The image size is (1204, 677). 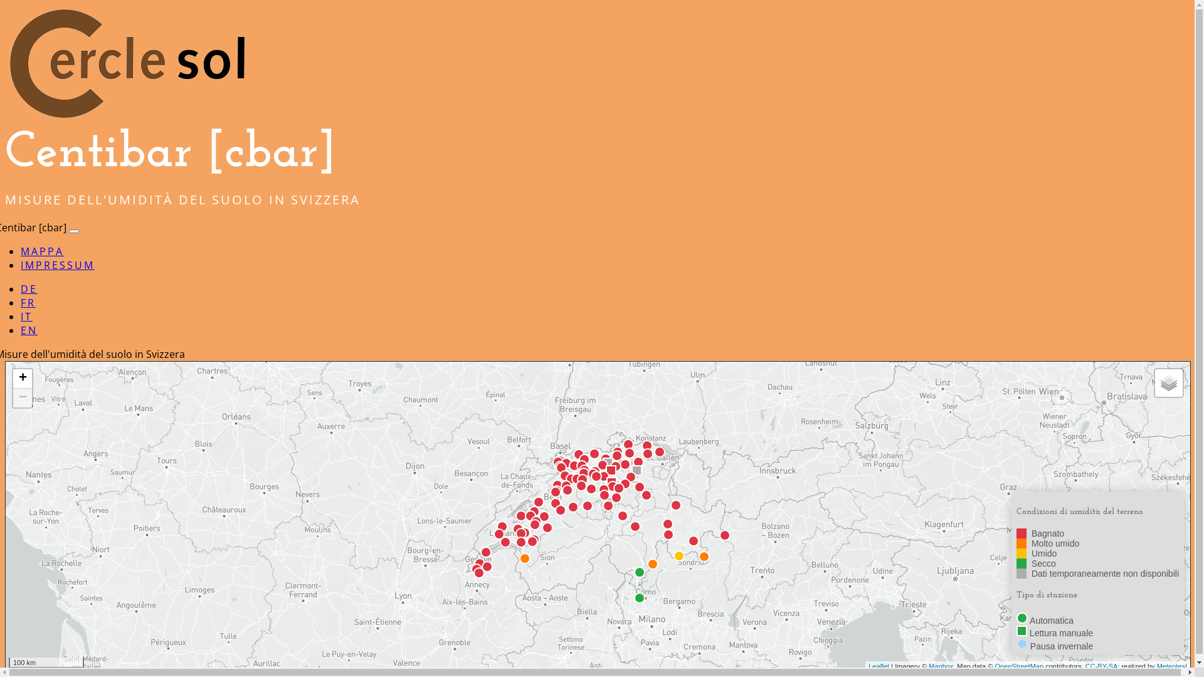 I want to click on 'IMPRESSUM', so click(x=56, y=265).